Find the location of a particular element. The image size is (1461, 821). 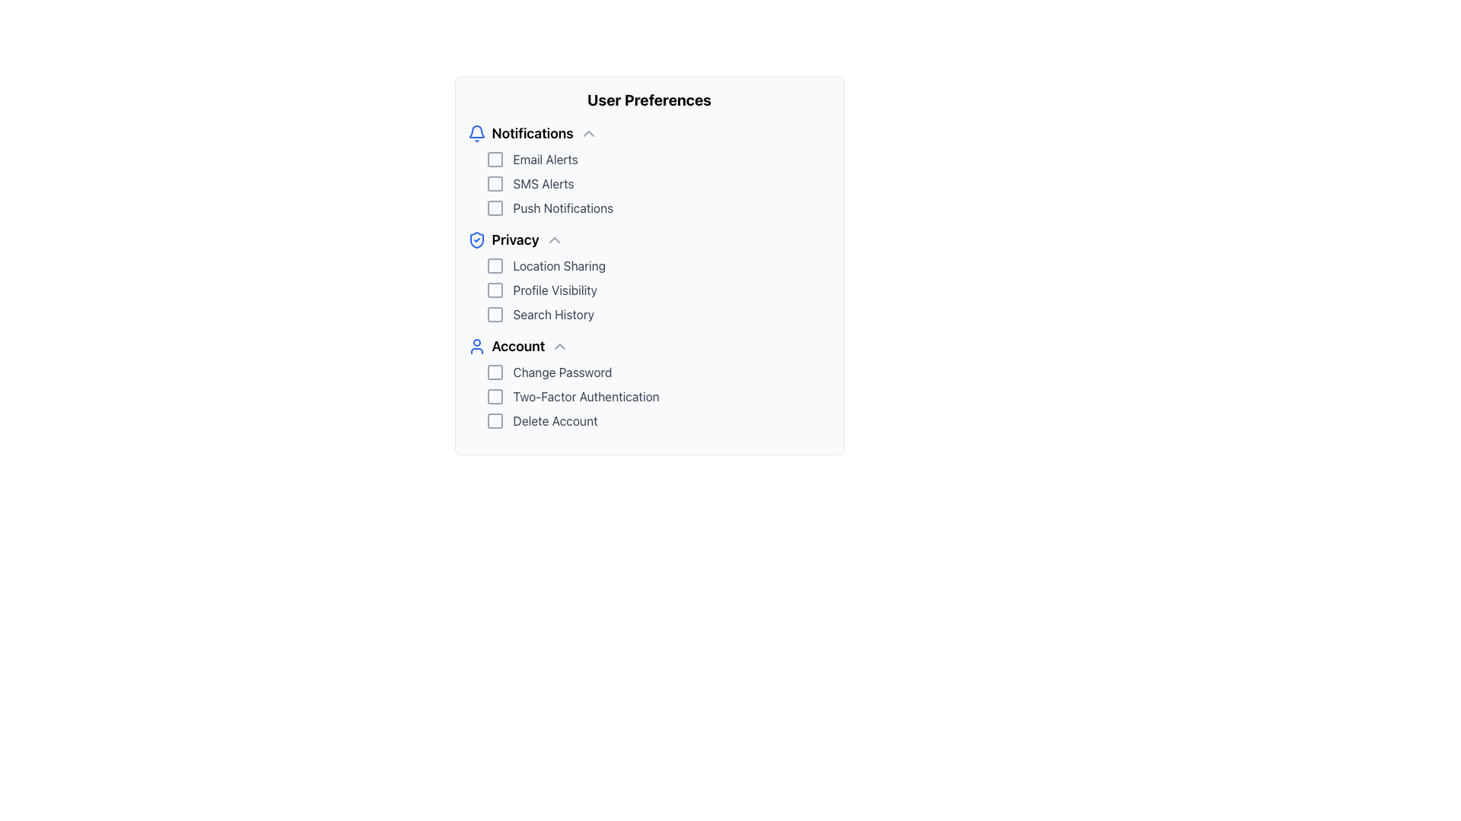

the interactive checkbox for toggling the 'Email Alerts' setting located at the beginning of the row labeled 'Email Alerts' within the 'Notifications' section of the 'User Preferences' panel is located at coordinates (495, 159).